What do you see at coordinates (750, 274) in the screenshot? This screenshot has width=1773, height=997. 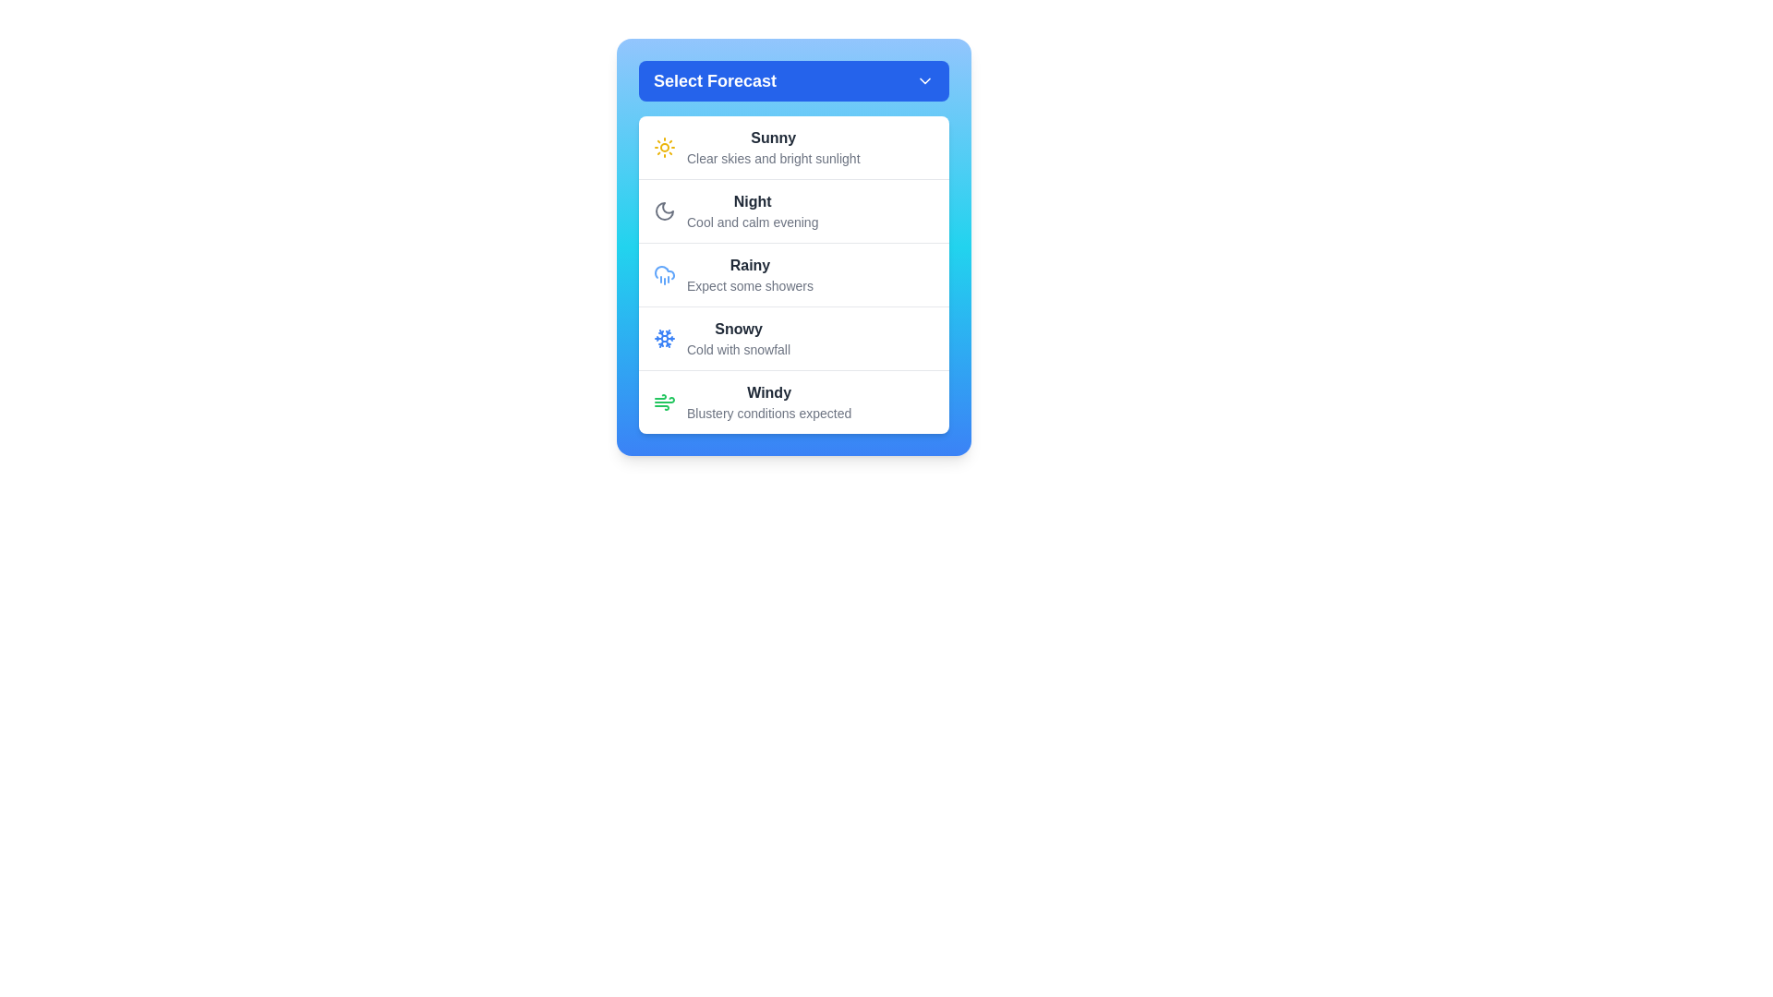 I see `the weather condition label displaying 'Rainy' with the description 'Expect some showers', which is centered in the forecast list between 'Night' and 'Snowy'` at bounding box center [750, 274].